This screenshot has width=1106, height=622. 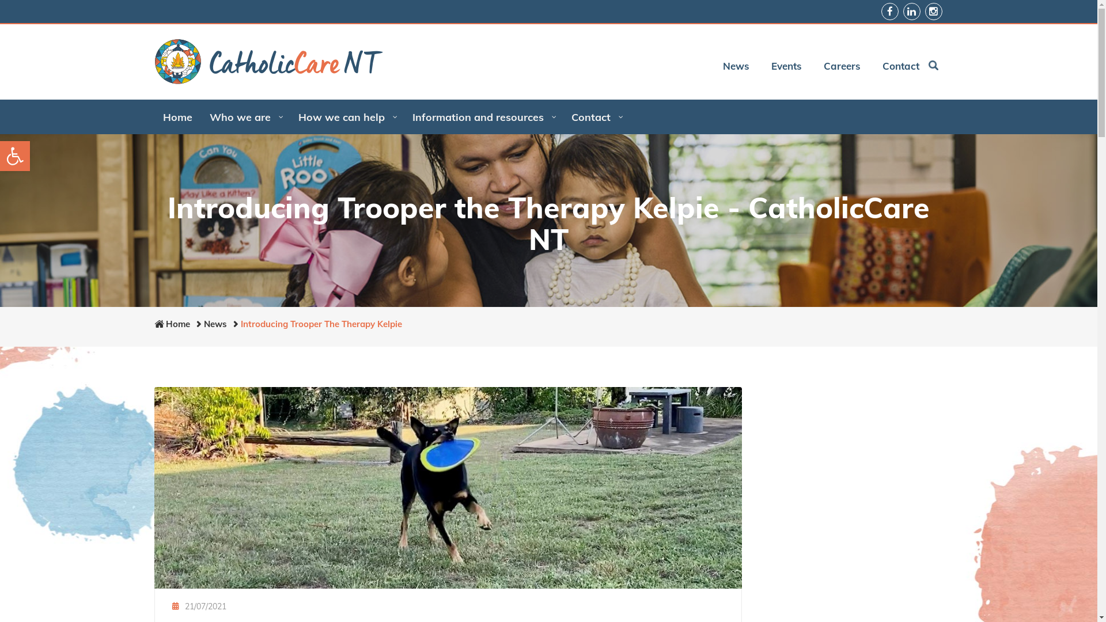 I want to click on 'Contact', so click(x=562, y=117).